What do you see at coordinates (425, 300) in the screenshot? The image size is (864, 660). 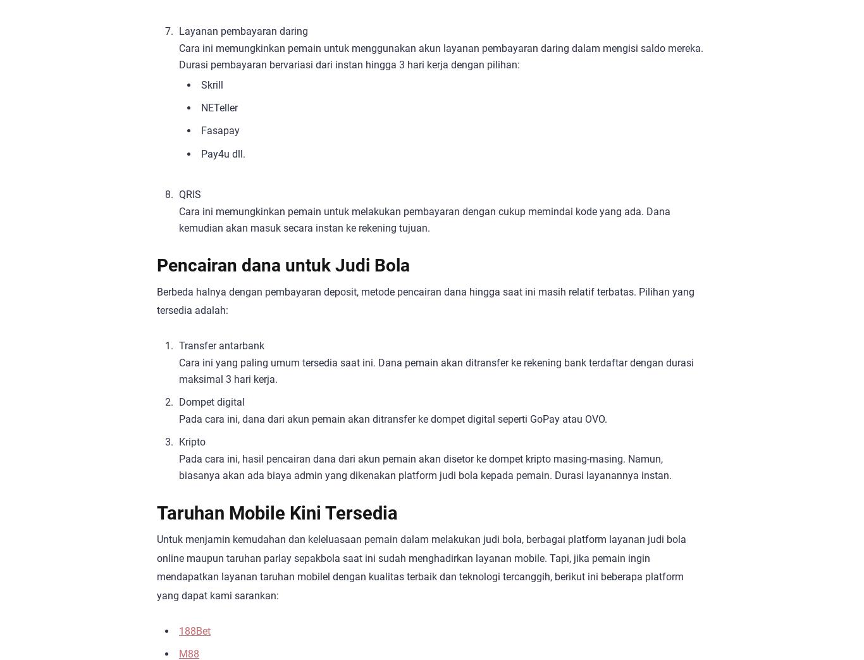 I see `'Berbeda halnya dengan pembayaran deposit, metode pencairan dana hingga saat ini masih relatif terbatas. Pilihan yang tersedia adalah:'` at bounding box center [425, 300].